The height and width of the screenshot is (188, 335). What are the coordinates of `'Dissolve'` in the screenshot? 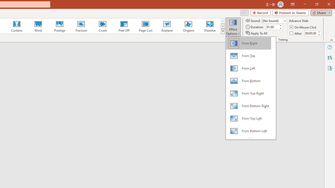 It's located at (210, 26).